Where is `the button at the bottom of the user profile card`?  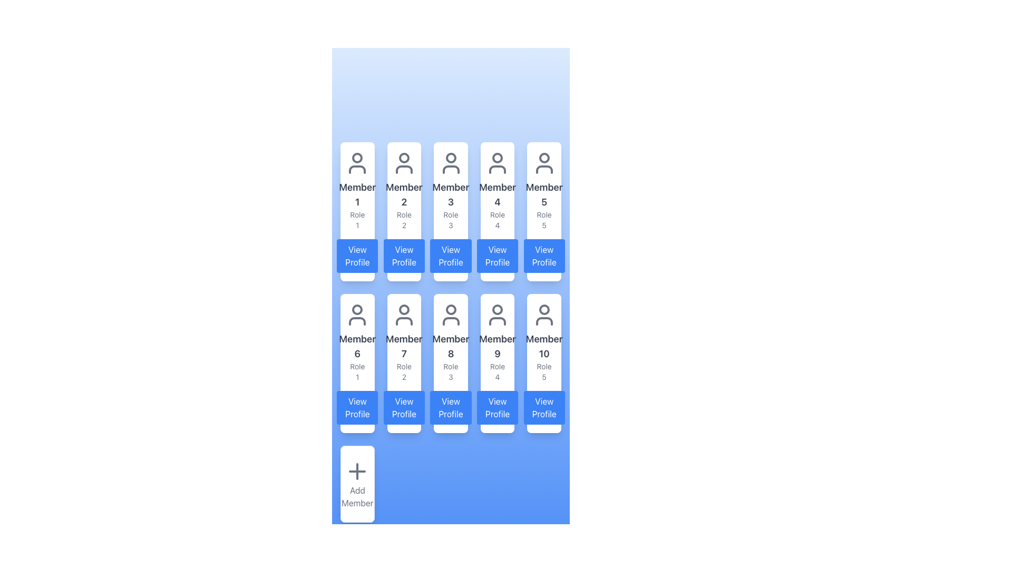
the button at the bottom of the user profile card is located at coordinates (544, 407).